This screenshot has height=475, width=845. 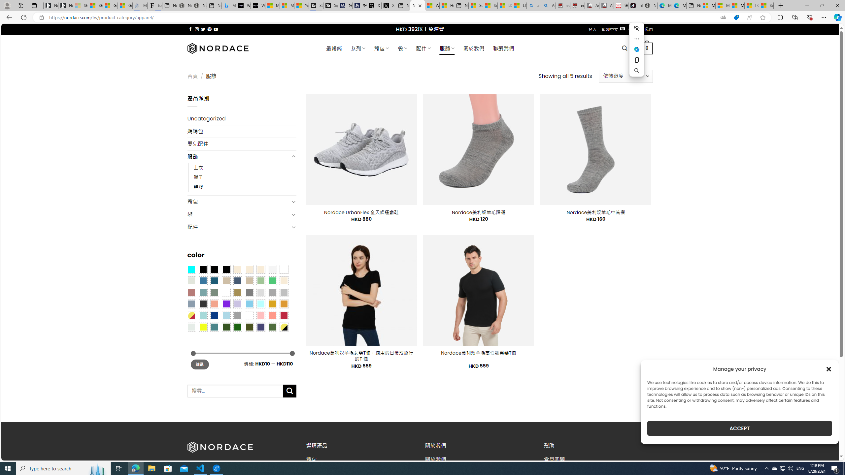 What do you see at coordinates (261, 269) in the screenshot?
I see `'Cream'` at bounding box center [261, 269].